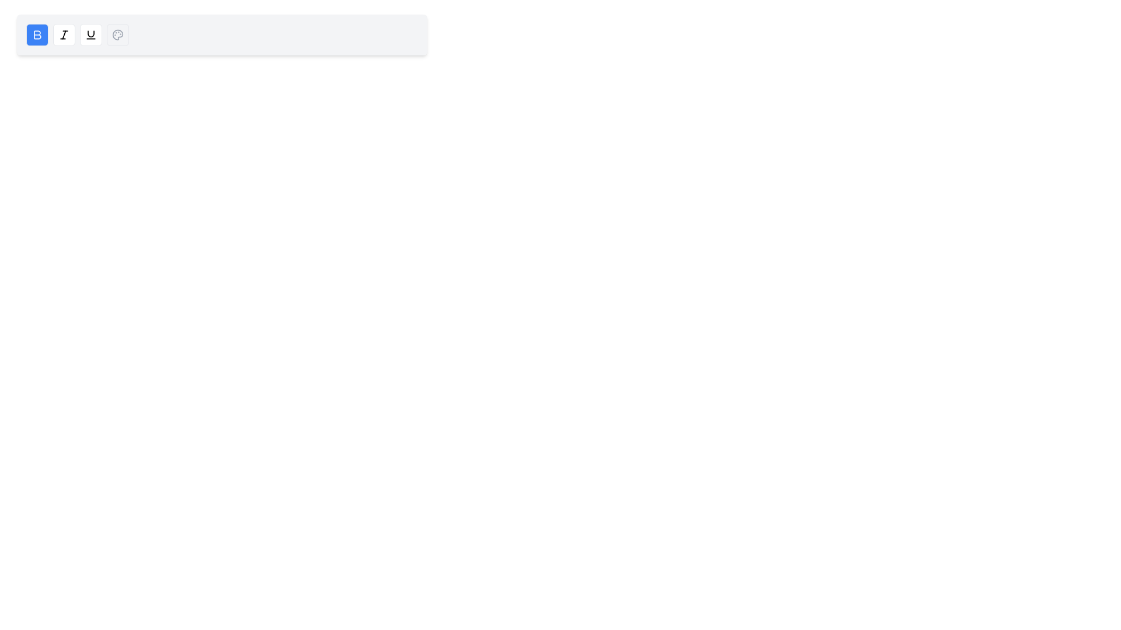  I want to click on the second button, so click(64, 34).